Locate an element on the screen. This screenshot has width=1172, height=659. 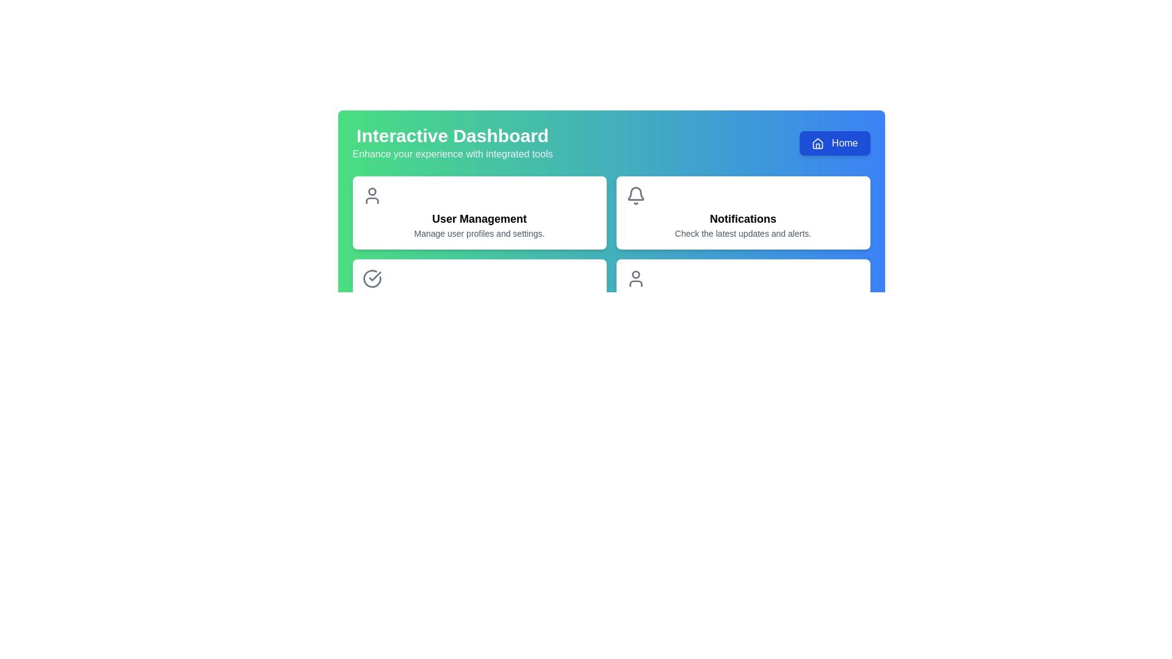
the blue rectangular button with rounded corners labeled 'Home' is located at coordinates (834, 143).